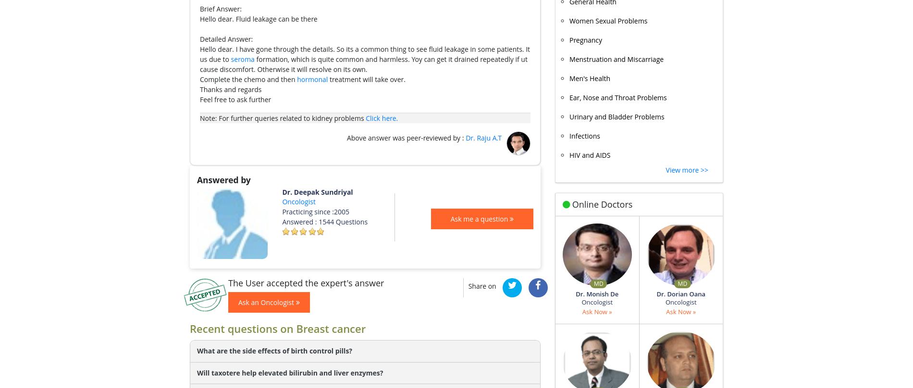 This screenshot has height=388, width=913. I want to click on 'Will taxotere help elevated bilirubin and liver enzymes?', so click(290, 372).